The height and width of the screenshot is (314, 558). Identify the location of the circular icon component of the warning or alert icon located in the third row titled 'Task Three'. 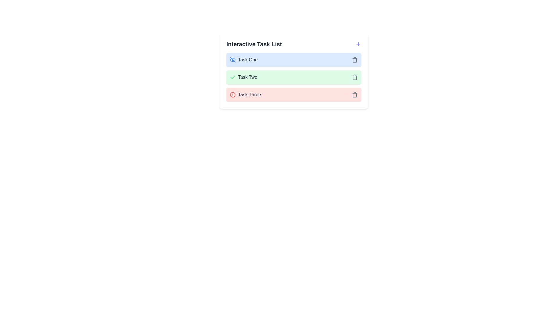
(233, 94).